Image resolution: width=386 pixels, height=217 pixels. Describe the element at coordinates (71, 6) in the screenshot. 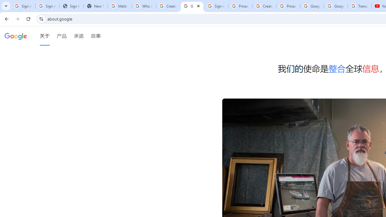

I see `'Sign In - USA TODAY'` at that location.